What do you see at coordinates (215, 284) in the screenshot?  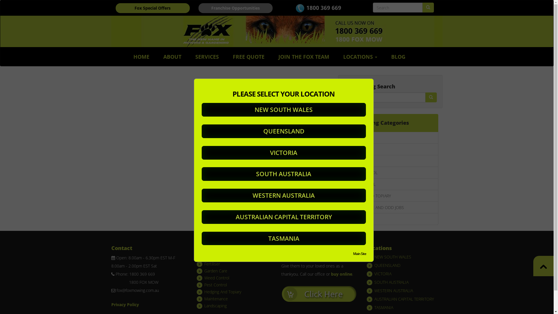 I see `'Pest Control'` at bounding box center [215, 284].